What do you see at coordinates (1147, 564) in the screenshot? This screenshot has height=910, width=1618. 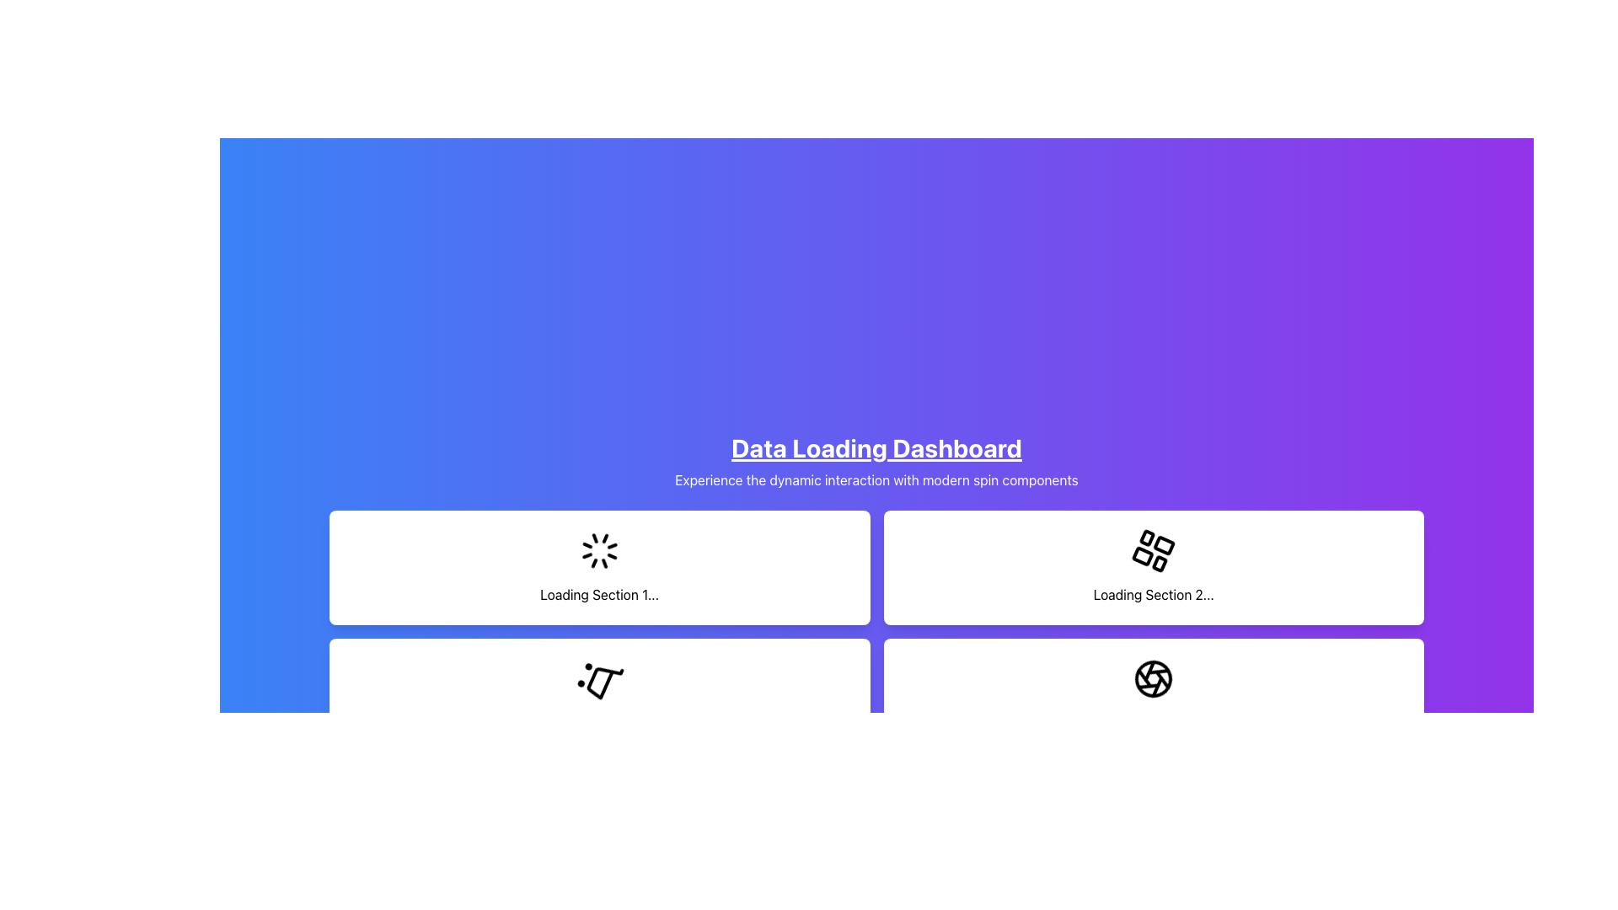 I see `the second segment of the spinning dashboard animation, which is positioned to the right of the first segment and above another segment` at bounding box center [1147, 564].